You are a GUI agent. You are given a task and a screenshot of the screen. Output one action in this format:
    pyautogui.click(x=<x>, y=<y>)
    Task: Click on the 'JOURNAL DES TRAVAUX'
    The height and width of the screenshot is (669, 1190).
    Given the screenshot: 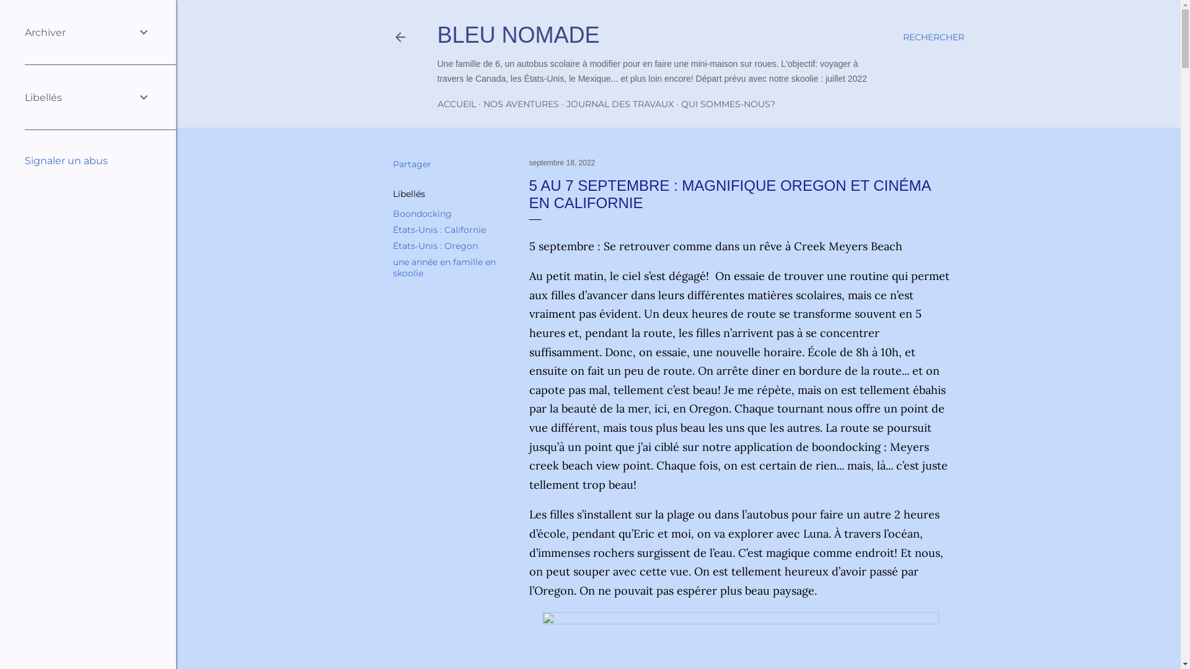 What is the action you would take?
    pyautogui.click(x=565, y=103)
    